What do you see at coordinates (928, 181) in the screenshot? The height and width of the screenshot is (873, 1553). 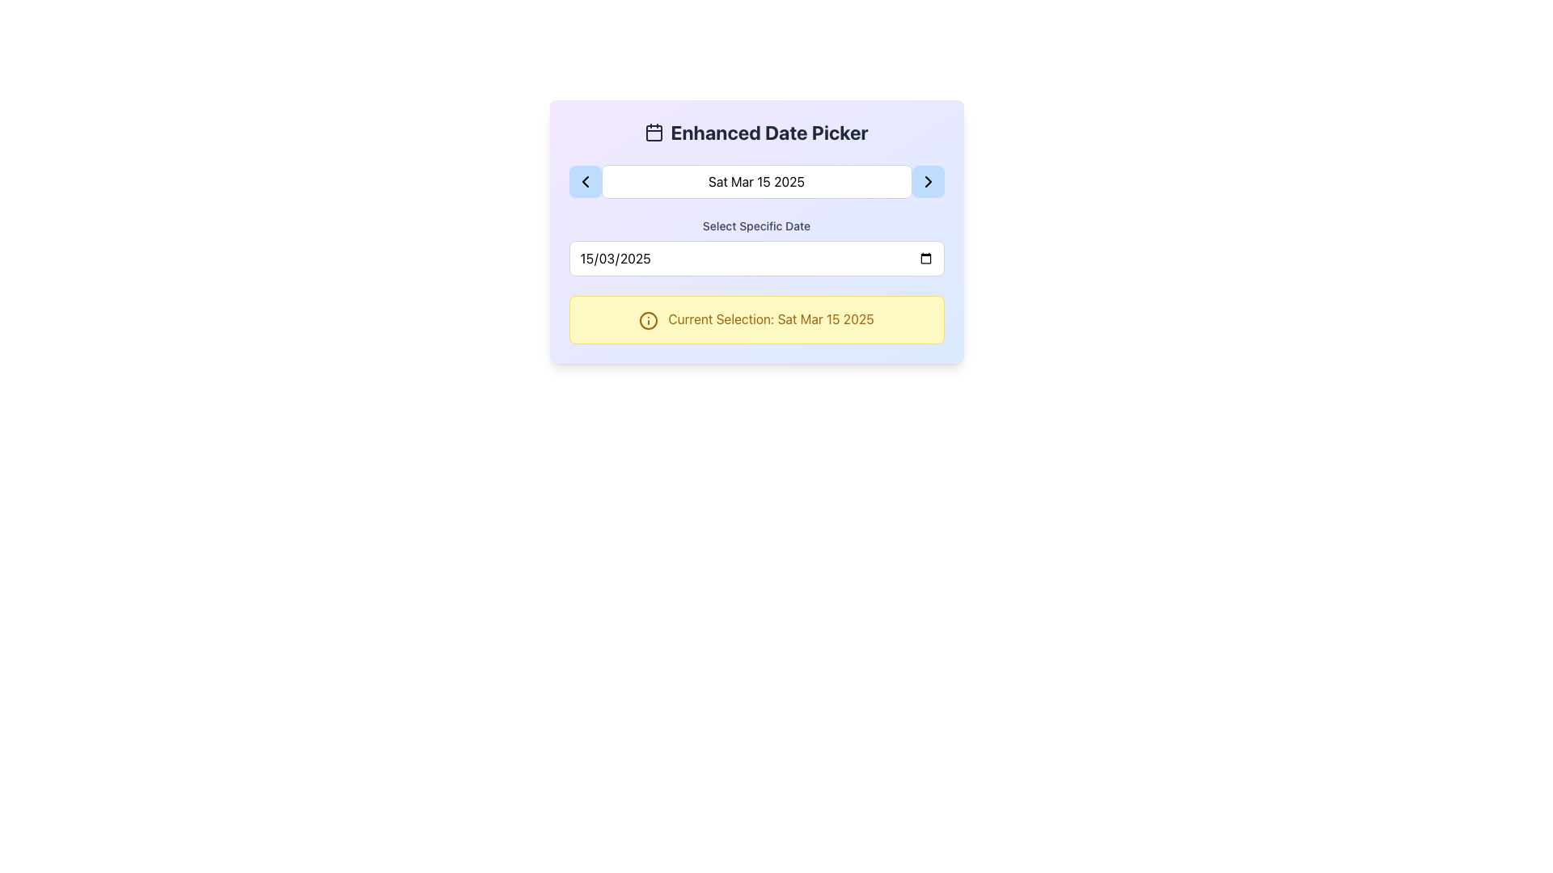 I see `the navigation button located at the far right of the date picker interface` at bounding box center [928, 181].